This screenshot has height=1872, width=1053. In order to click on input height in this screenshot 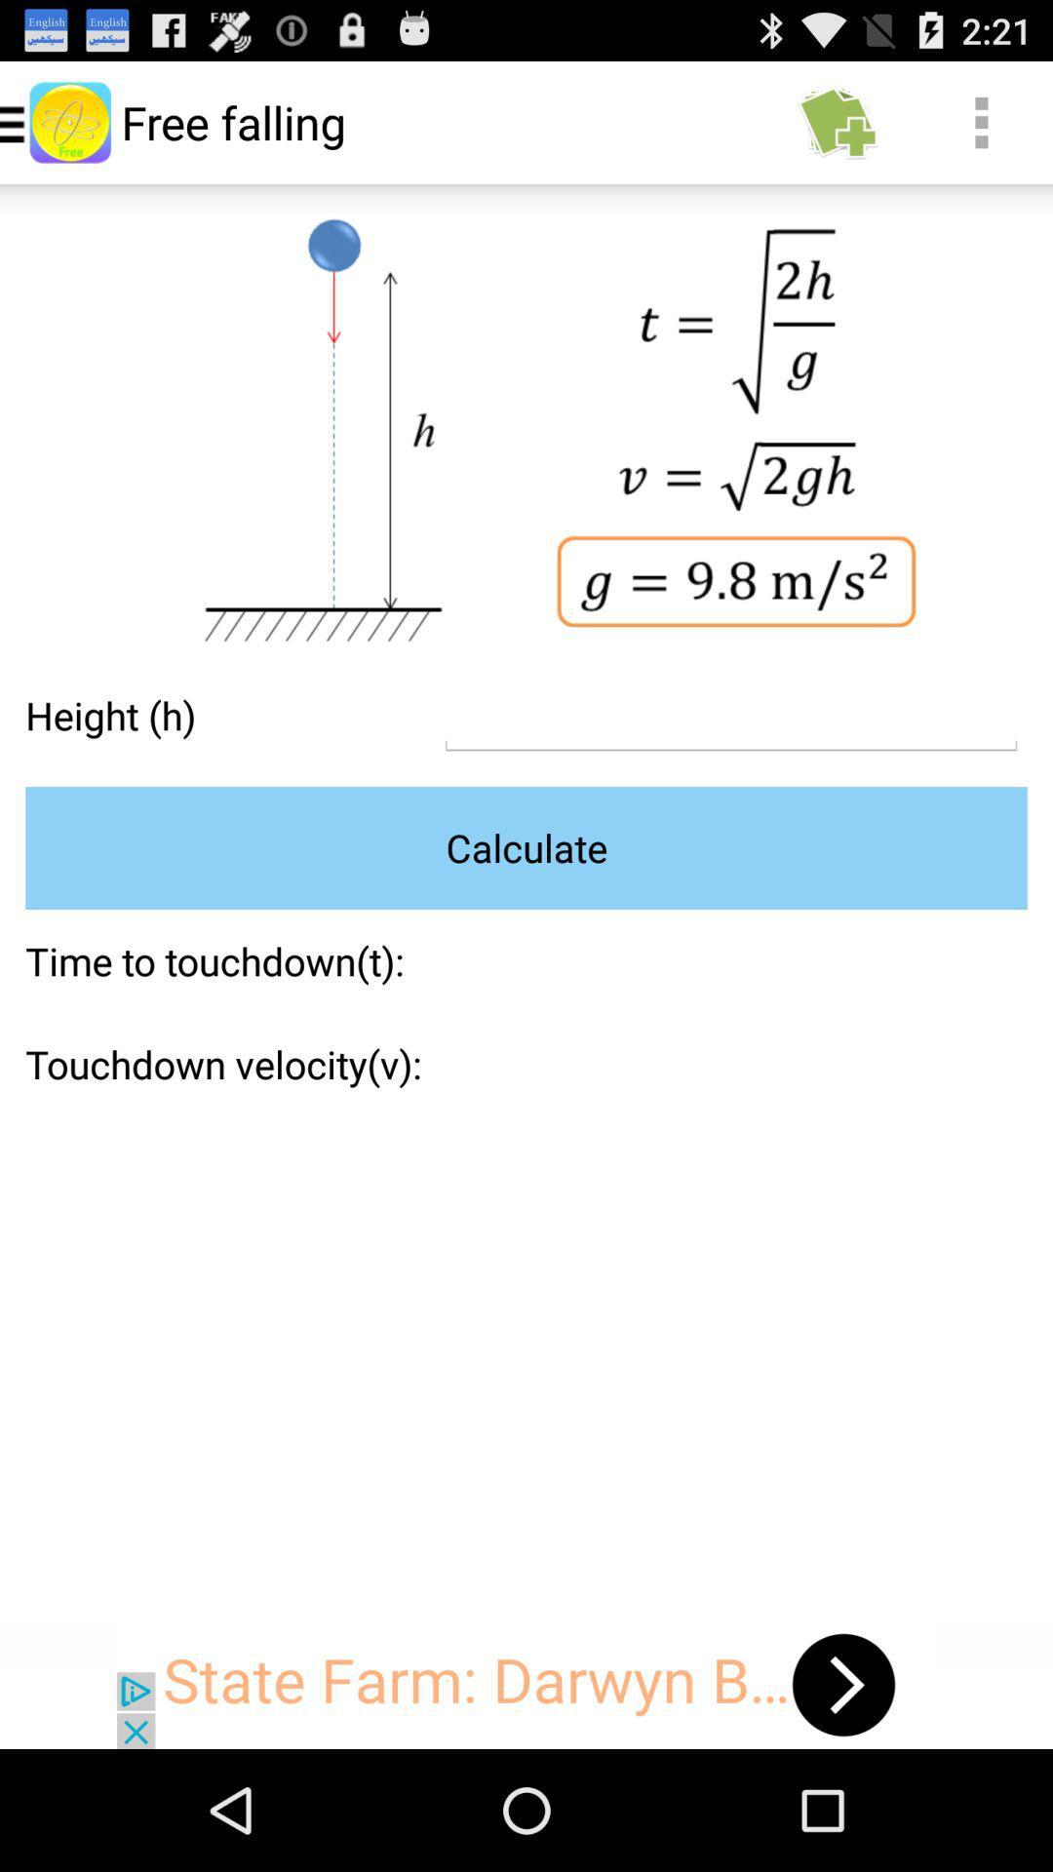, I will do `click(730, 715)`.